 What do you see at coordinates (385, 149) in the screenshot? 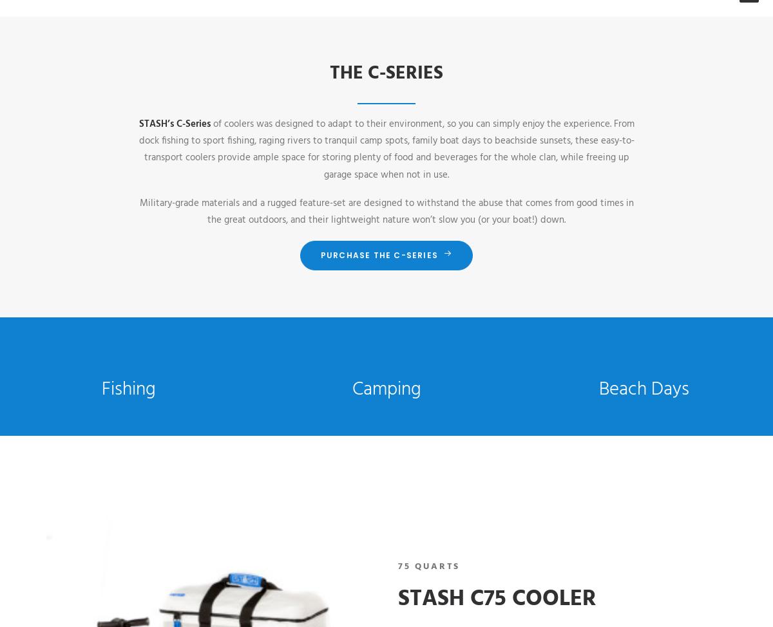
I see `'of coolers was designed to adapt to their environment, so you can simply enjoy the experience. From dock fishing to sport fishing, raging rivers to tranquil camp spots, family boat days to beachside sunsets, these easy-to-transport coolers provide ample space for storing plenty of food and beverages for the whole clan, while freeing up garage space when not in use.'` at bounding box center [385, 149].